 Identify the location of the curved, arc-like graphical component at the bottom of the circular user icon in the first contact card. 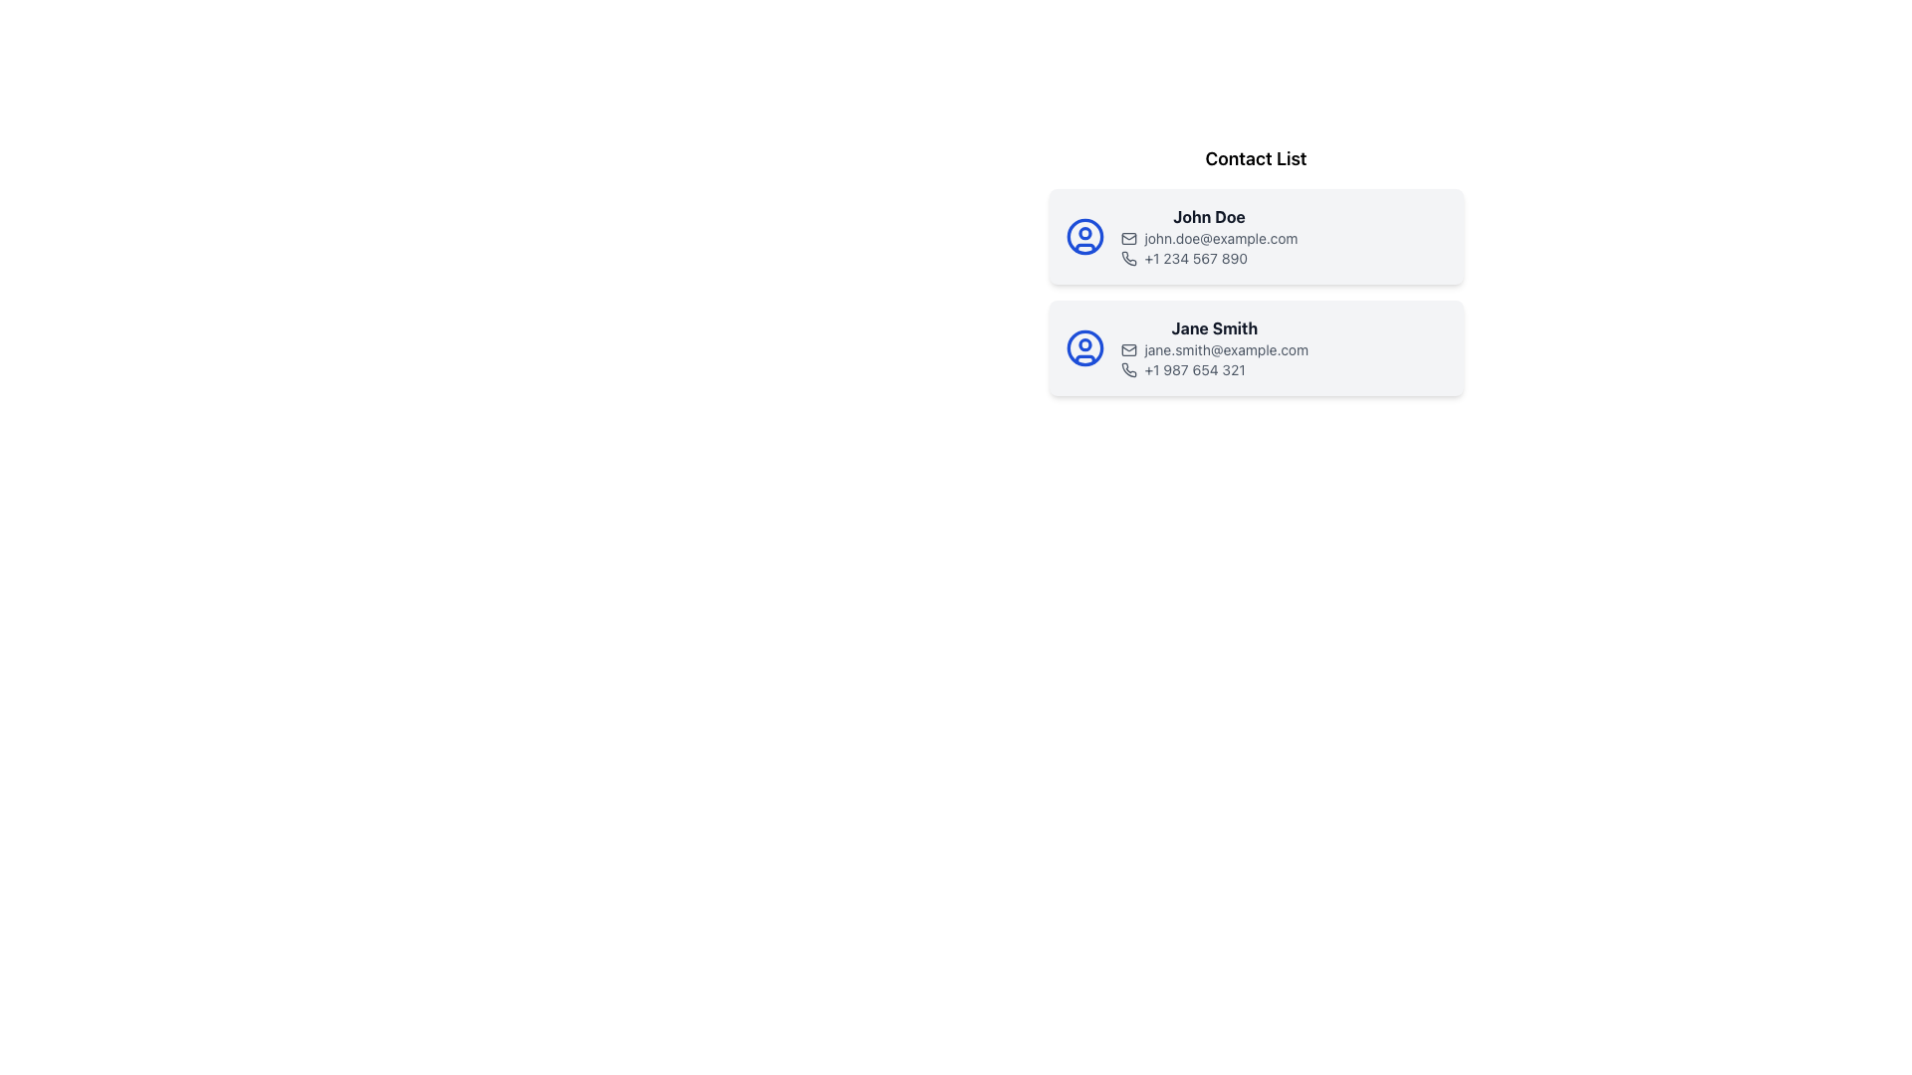
(1083, 247).